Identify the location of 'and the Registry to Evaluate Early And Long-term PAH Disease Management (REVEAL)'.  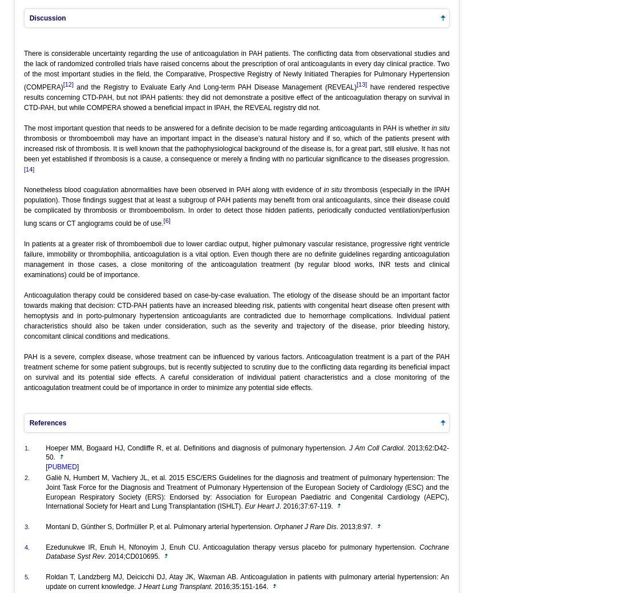
(215, 87).